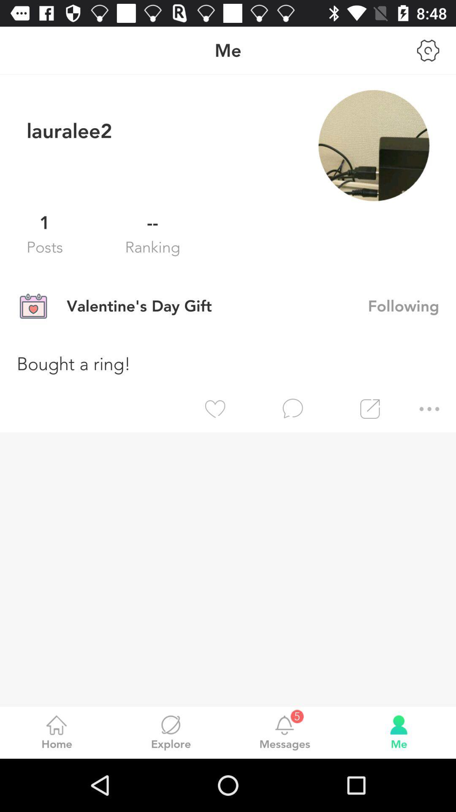 The width and height of the screenshot is (456, 812). I want to click on the item below bought a ring! icon, so click(437, 409).